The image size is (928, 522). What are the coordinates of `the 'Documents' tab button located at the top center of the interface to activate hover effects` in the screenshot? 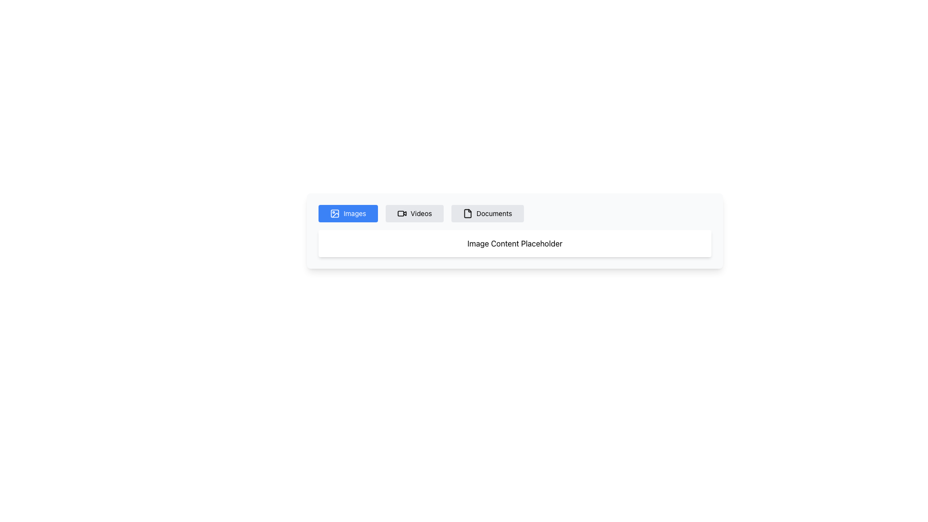 It's located at (487, 213).